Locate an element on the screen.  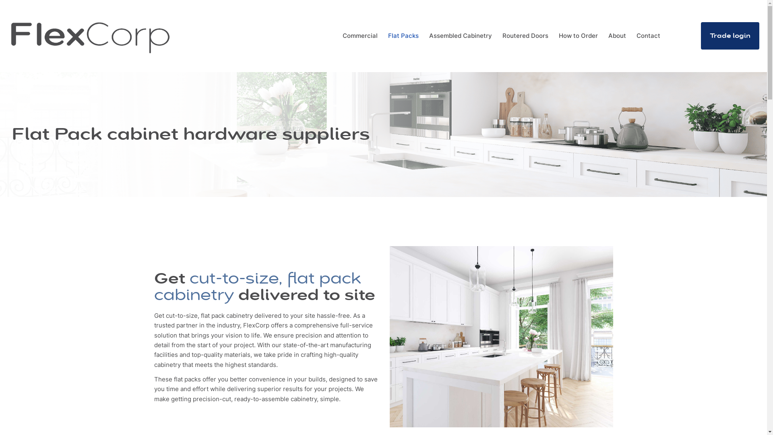
'Commercial' is located at coordinates (360, 35).